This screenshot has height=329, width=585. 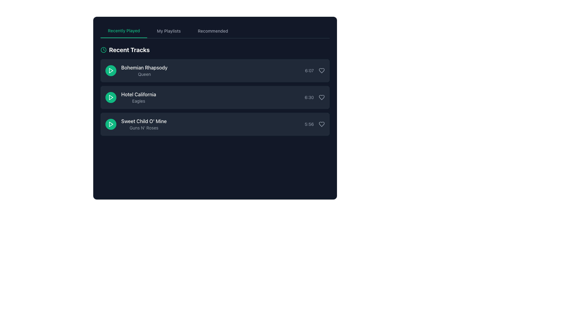 I want to click on the 'Bohemian Rhapsody' text in bold white font, so click(x=136, y=70).